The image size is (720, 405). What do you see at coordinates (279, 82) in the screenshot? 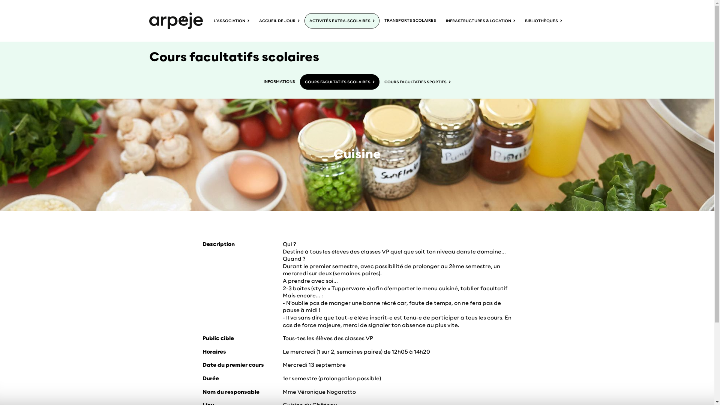
I see `'INFORMATIONS'` at bounding box center [279, 82].